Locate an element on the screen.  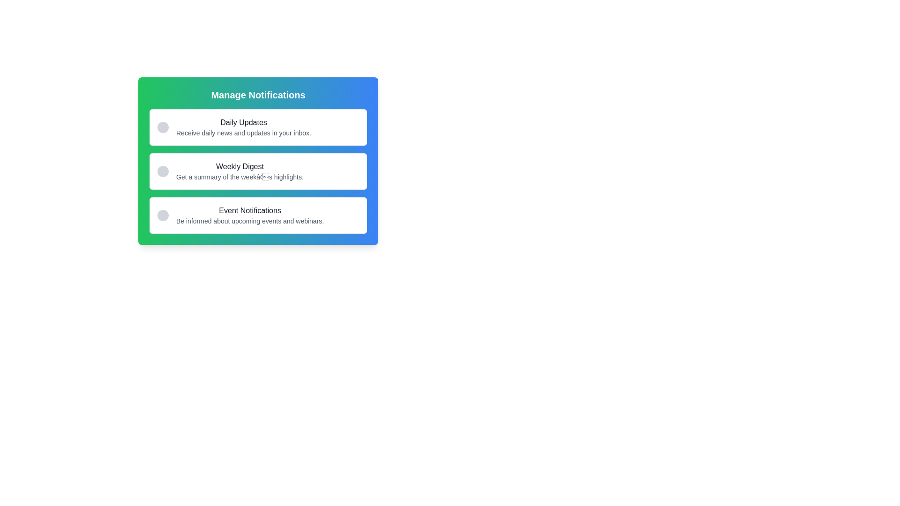
the small circular visual placeholder or unselected selection indicator located next to the 'Weekly Digest' title is located at coordinates (163, 171).